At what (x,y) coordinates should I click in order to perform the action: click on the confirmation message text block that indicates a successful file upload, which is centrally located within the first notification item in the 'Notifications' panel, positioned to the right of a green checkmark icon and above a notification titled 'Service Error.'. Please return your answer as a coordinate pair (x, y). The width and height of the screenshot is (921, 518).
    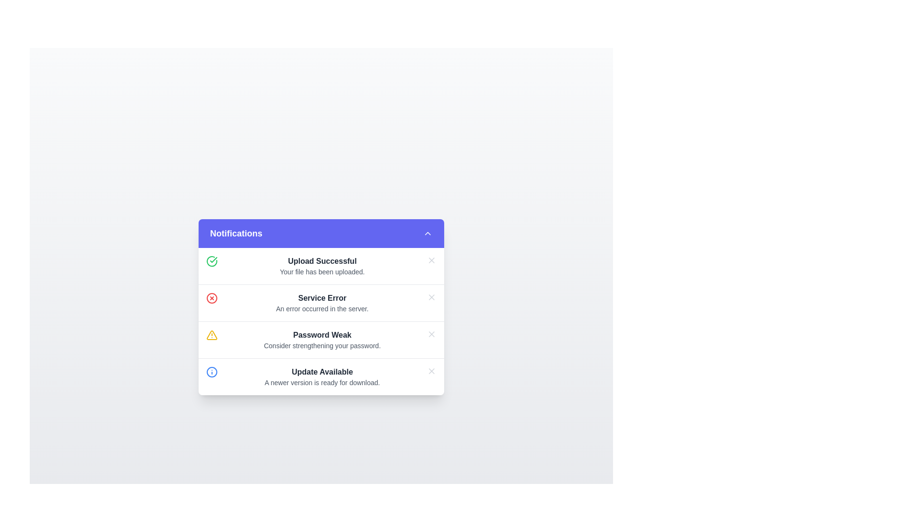
    Looking at the image, I should click on (322, 266).